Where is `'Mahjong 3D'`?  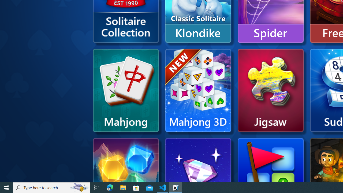 'Mahjong 3D' is located at coordinates (198, 90).